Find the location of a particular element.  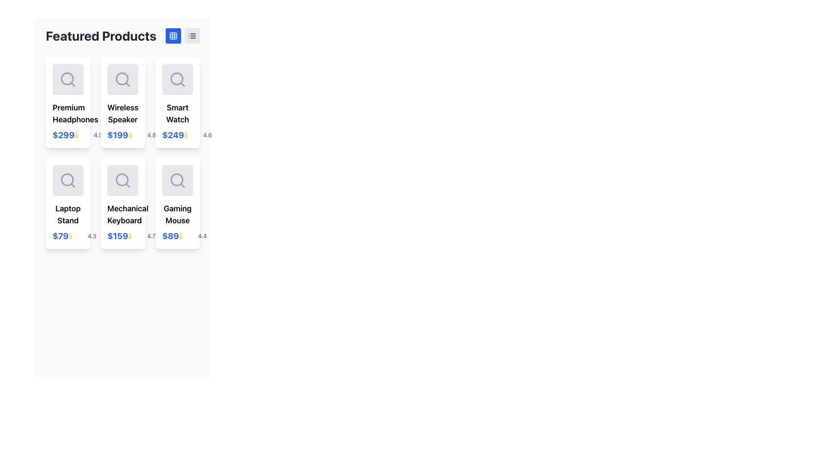

the toggle button (icon) located in the top-right corner of the 'Featured Products' section to switch to a list view format is located at coordinates (192, 36).